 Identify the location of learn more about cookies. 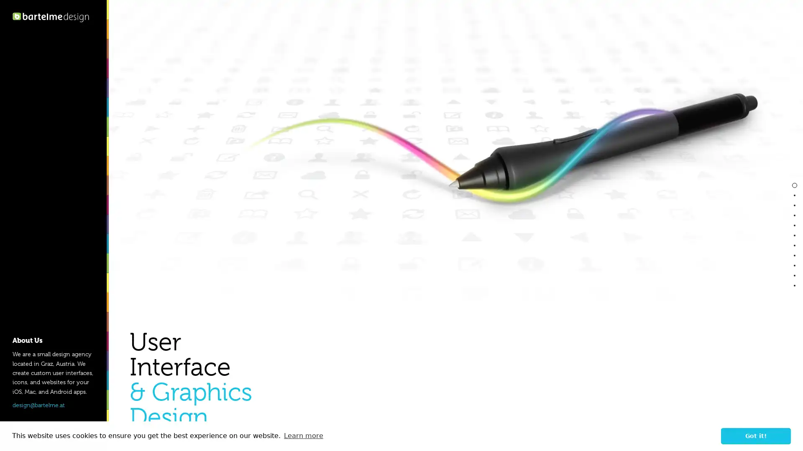
(303, 436).